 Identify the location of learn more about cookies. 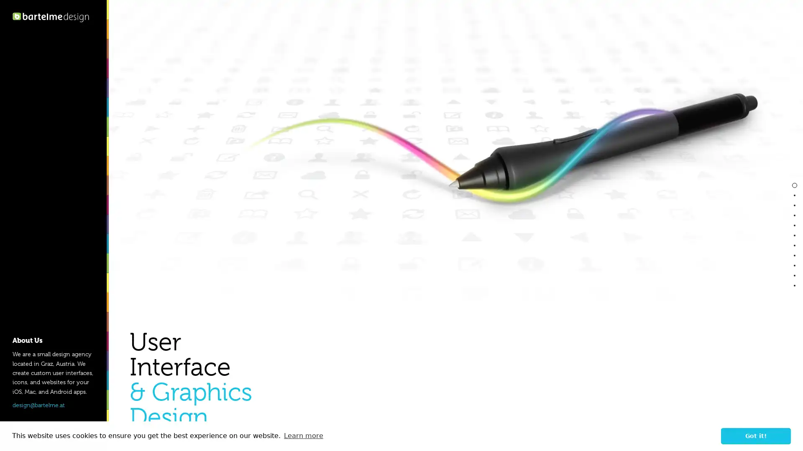
(303, 436).